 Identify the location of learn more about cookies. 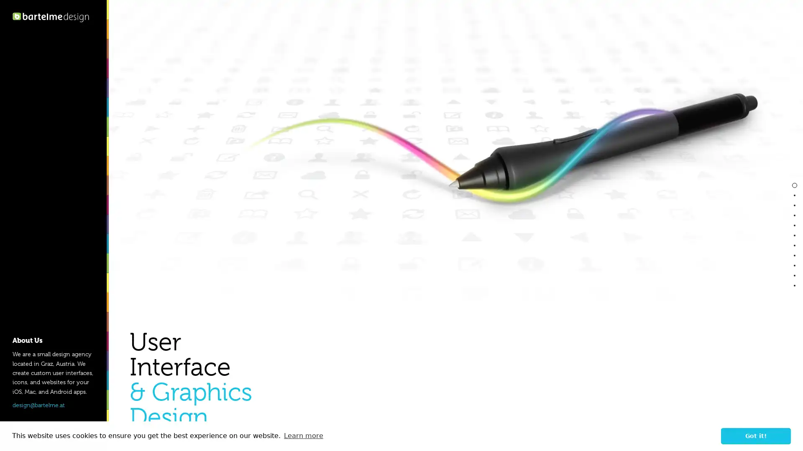
(303, 436).